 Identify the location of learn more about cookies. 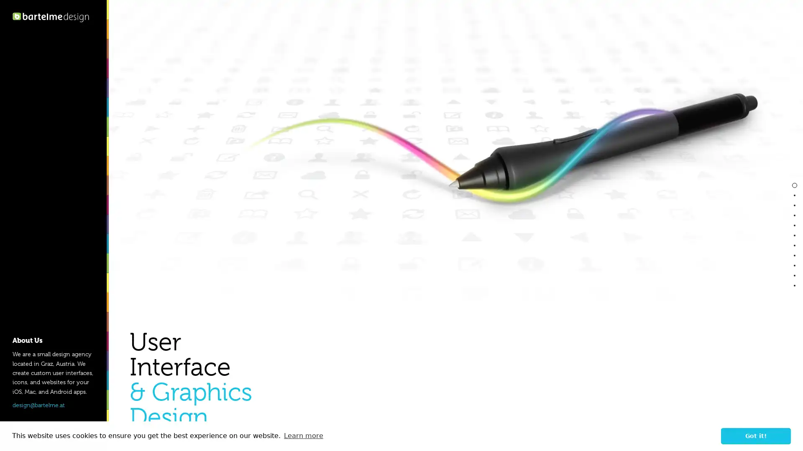
(303, 436).